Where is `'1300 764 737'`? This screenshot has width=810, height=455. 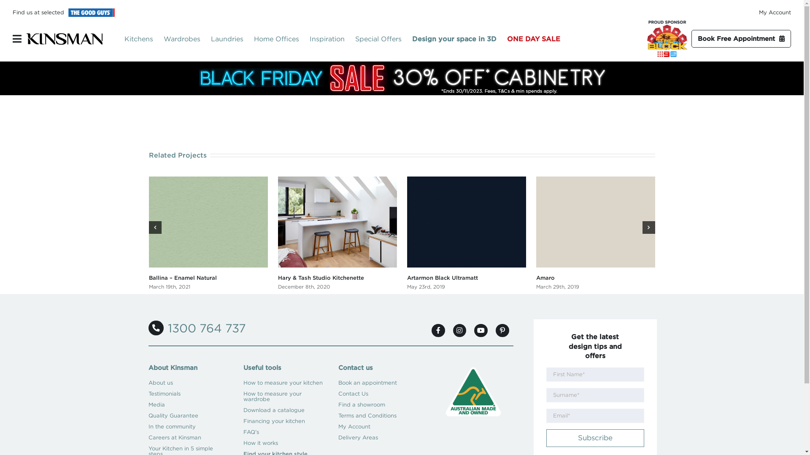 '1300 764 737' is located at coordinates (196, 328).